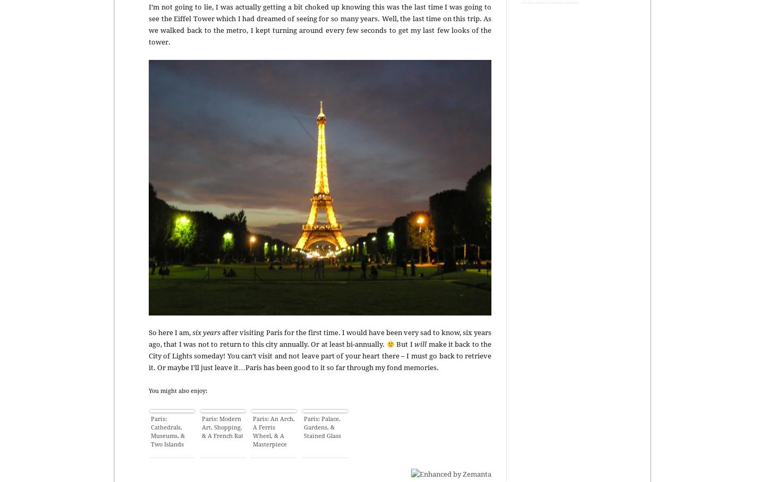 This screenshot has width=765, height=482. Describe the element at coordinates (404, 344) in the screenshot. I see `'But I'` at that location.